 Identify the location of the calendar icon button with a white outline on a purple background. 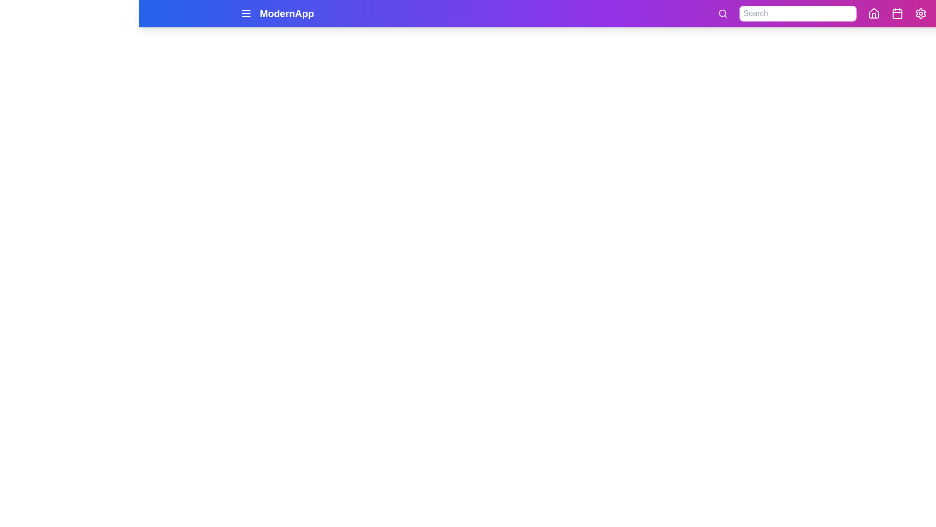
(897, 13).